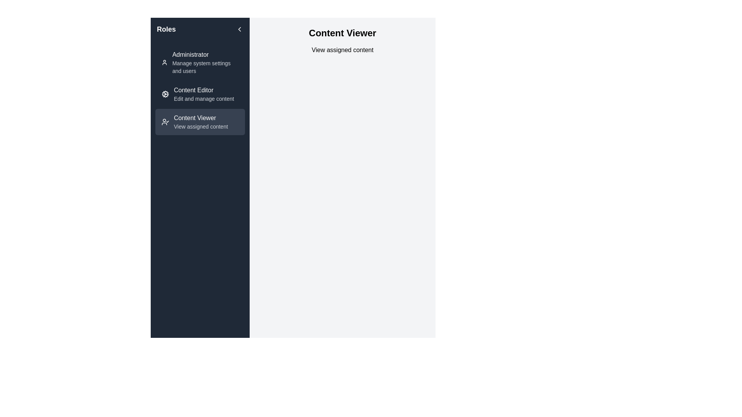 The height and width of the screenshot is (417, 742). I want to click on the 'Content Viewer' button in the sidebar menu, which has a dark gray background, rounded corners, and includes a user icon with a checkmark and text stating 'Content Viewer', so click(200, 122).